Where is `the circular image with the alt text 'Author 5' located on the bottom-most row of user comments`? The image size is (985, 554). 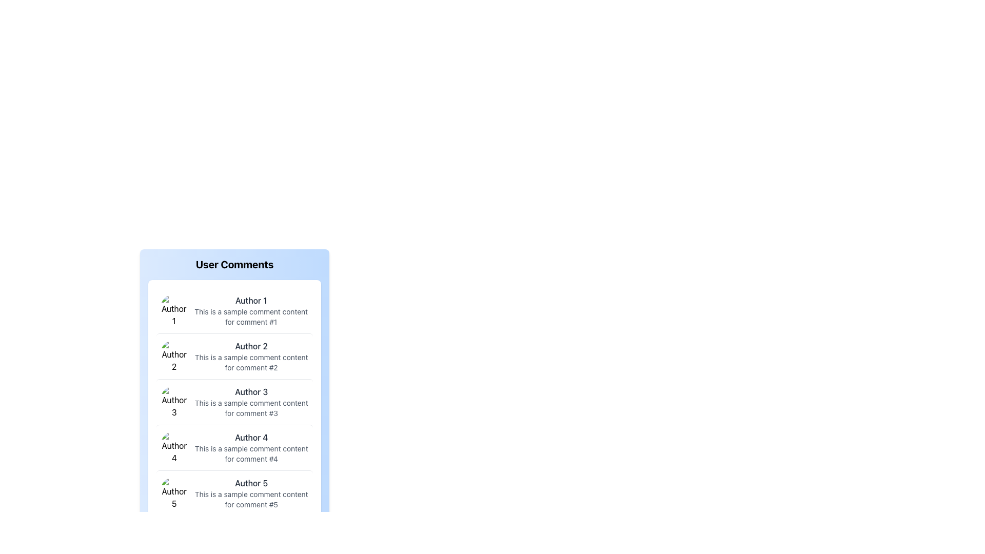 the circular image with the alt text 'Author 5' located on the bottom-most row of user comments is located at coordinates (174, 492).